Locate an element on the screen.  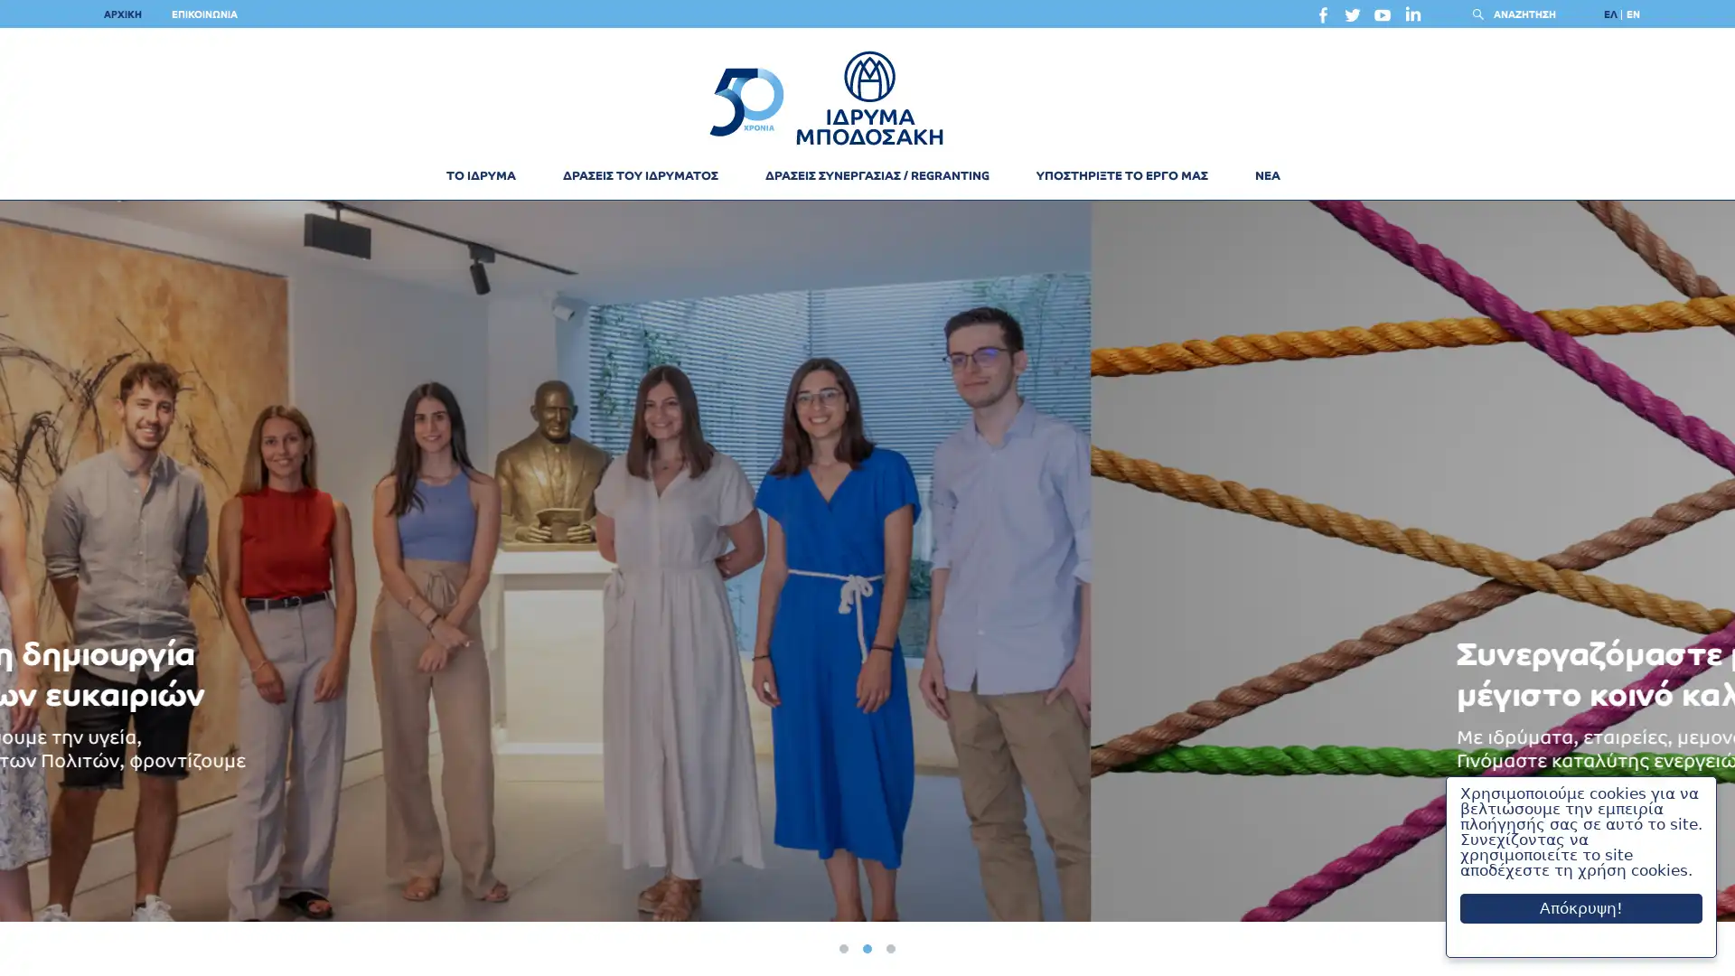
3 is located at coordinates (890, 943).